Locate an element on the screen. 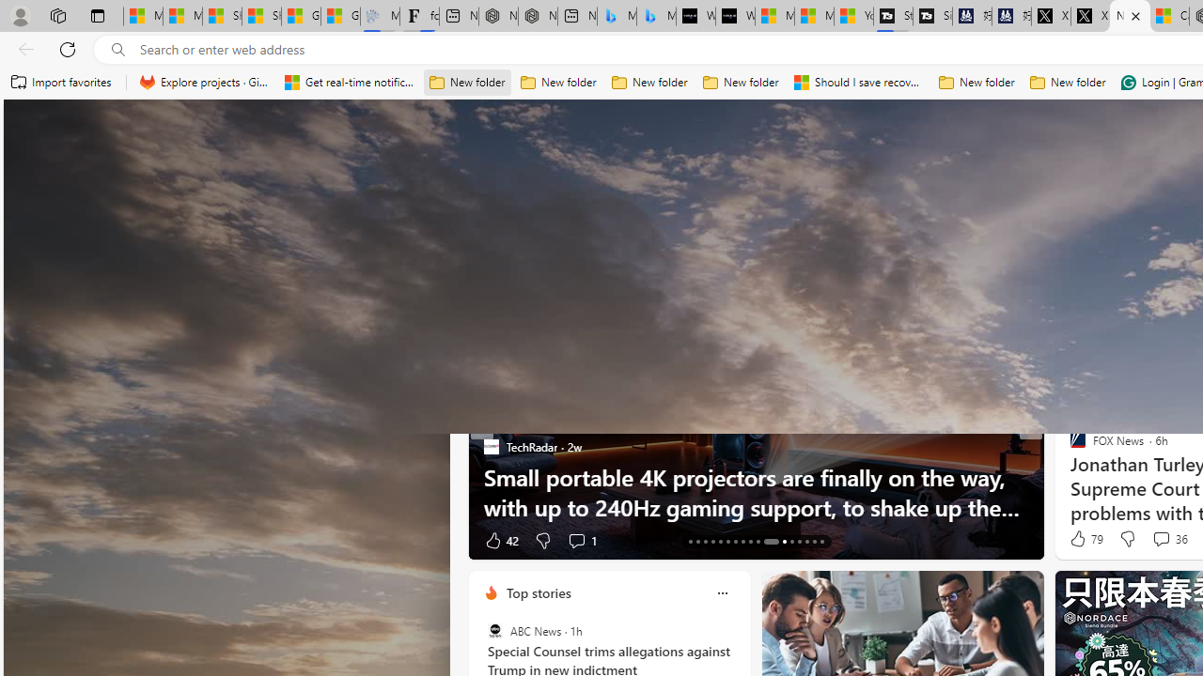  '4 Like' is located at coordinates (1076, 540).